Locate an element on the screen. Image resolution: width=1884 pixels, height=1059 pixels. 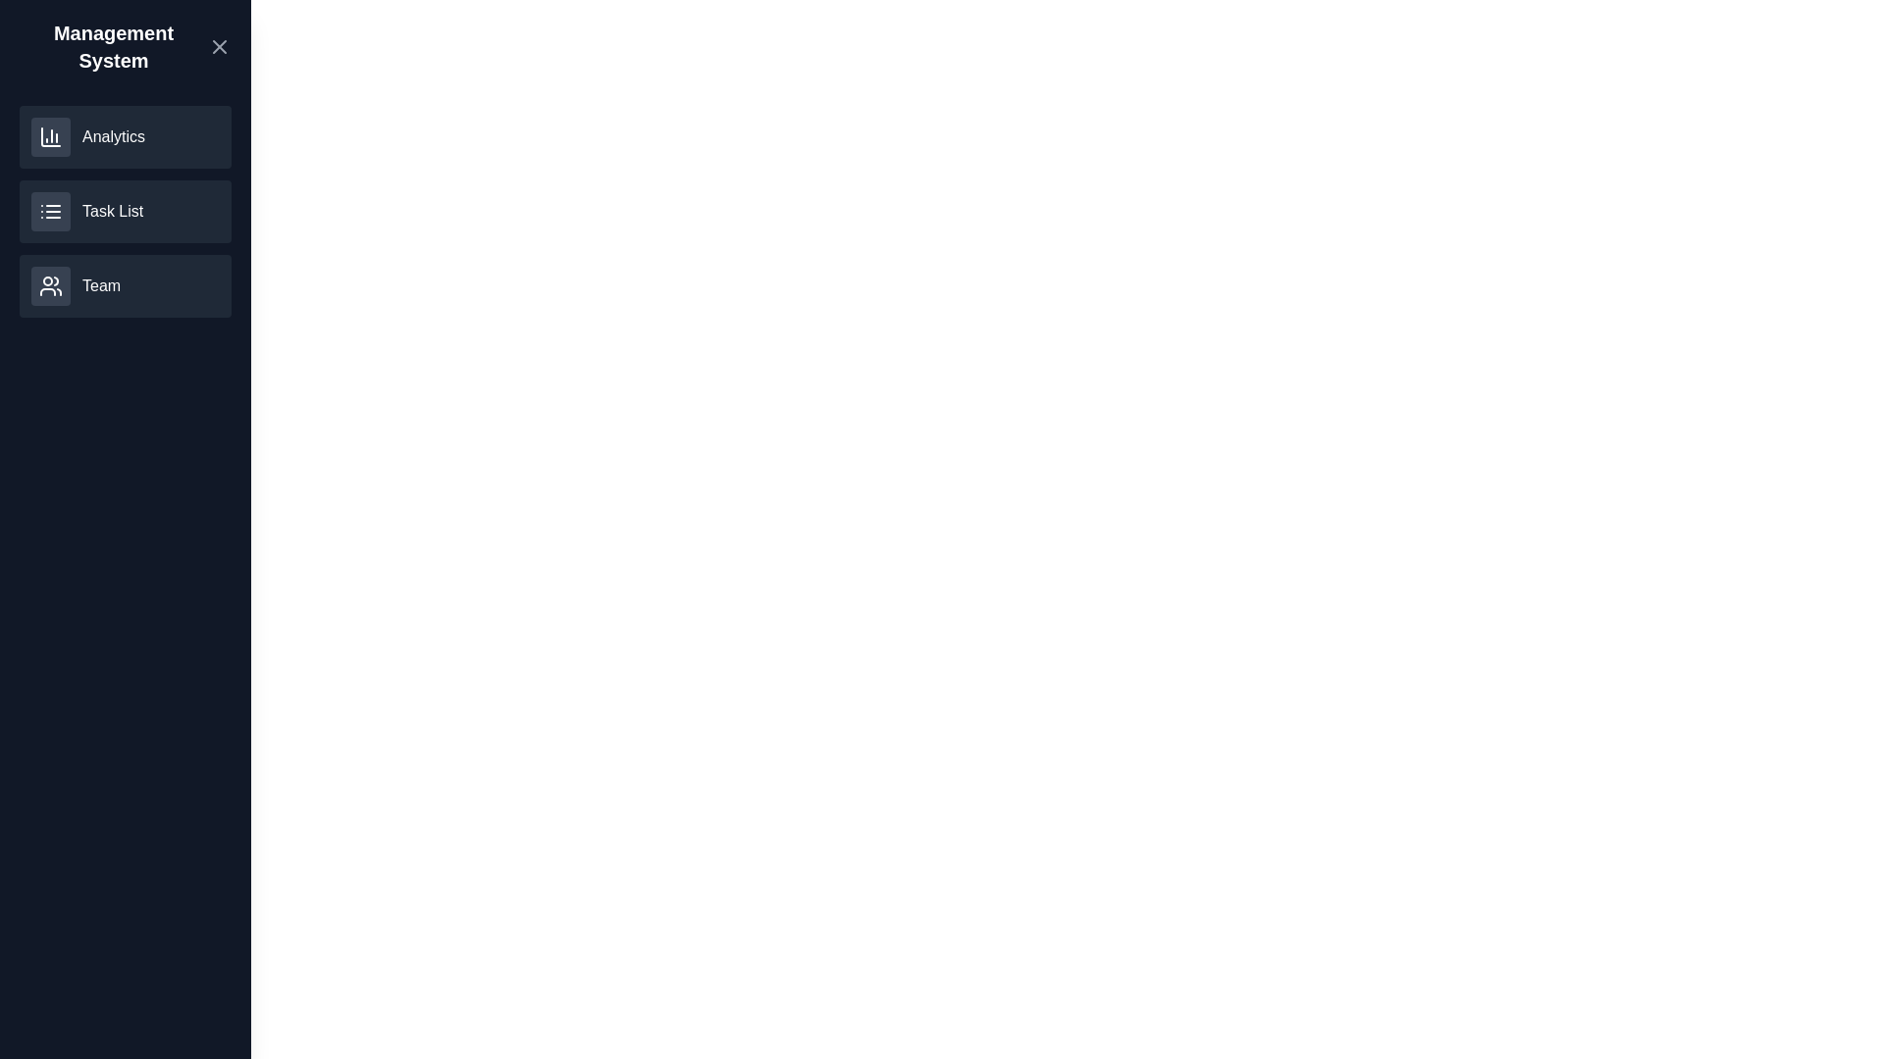
the 'Analytics' item in the sidebar is located at coordinates (125, 135).